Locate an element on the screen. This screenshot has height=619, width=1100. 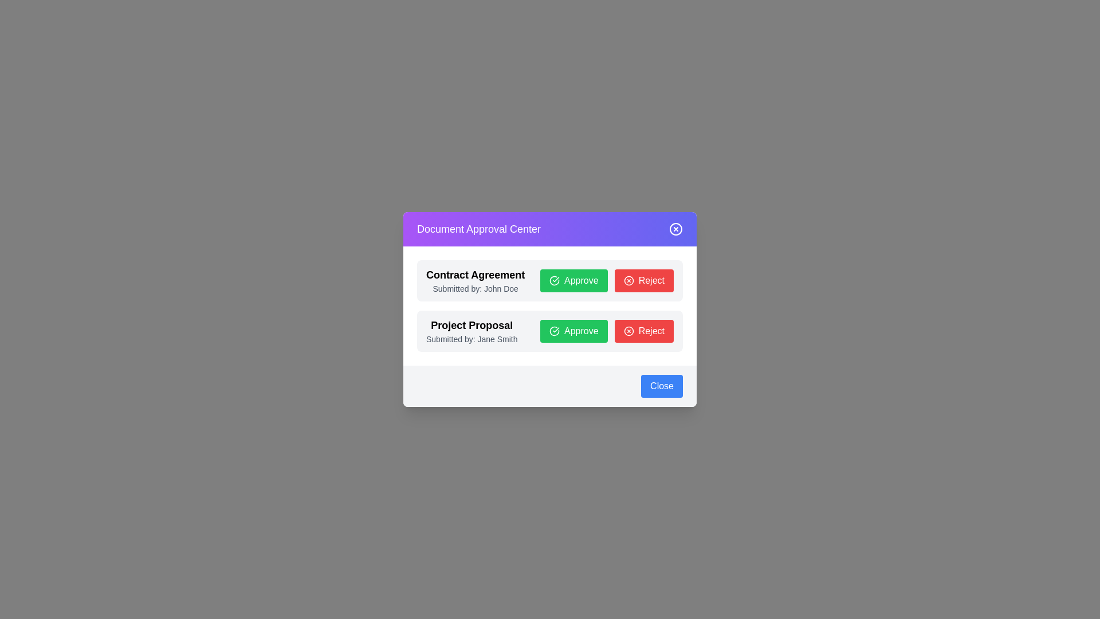
the 'Approve' and 'Reject' buttons in the Horizontal button group within the 'Contract Agreement' section is located at coordinates (606, 280).